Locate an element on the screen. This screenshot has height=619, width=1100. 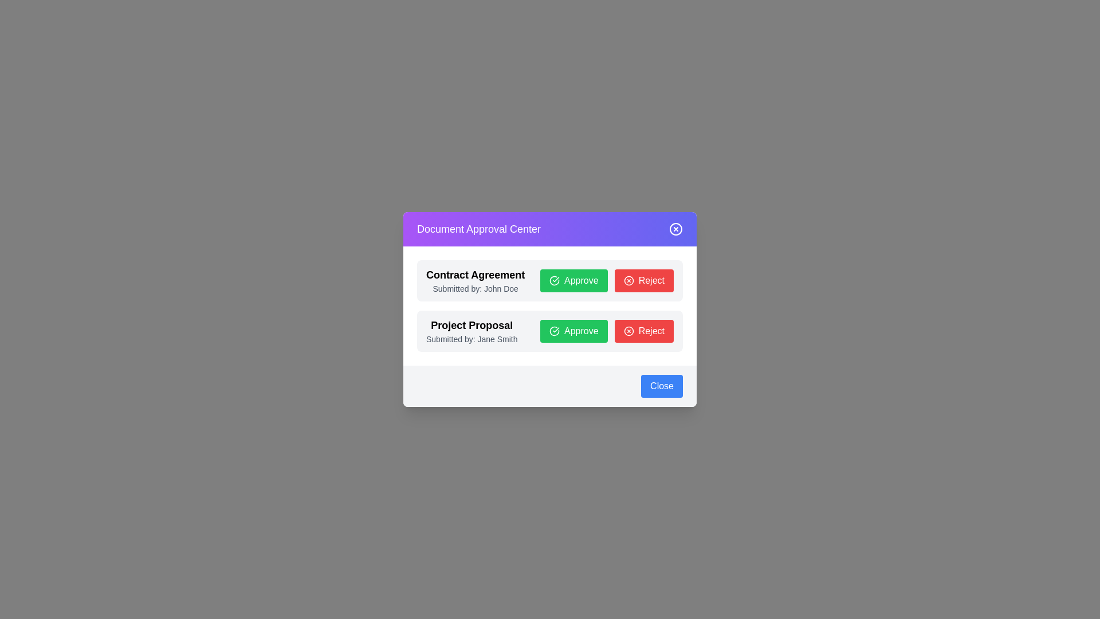
the 'Approve' and 'Reject' buttons in the Horizontal button group within the 'Contract Agreement' section is located at coordinates (606, 280).